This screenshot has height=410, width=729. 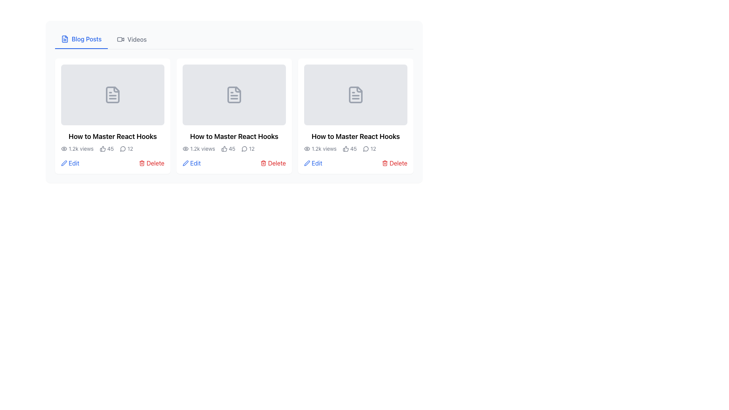 I want to click on the small rectangle with rounded corners that is part of the grouped icon representation in the 'Videos' tab, positioned near the top of the page's main content area, so click(x=119, y=39).